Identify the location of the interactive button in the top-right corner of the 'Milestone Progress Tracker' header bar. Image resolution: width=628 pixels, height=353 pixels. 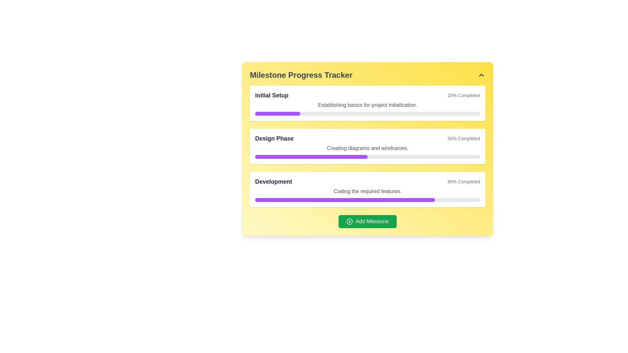
(481, 75).